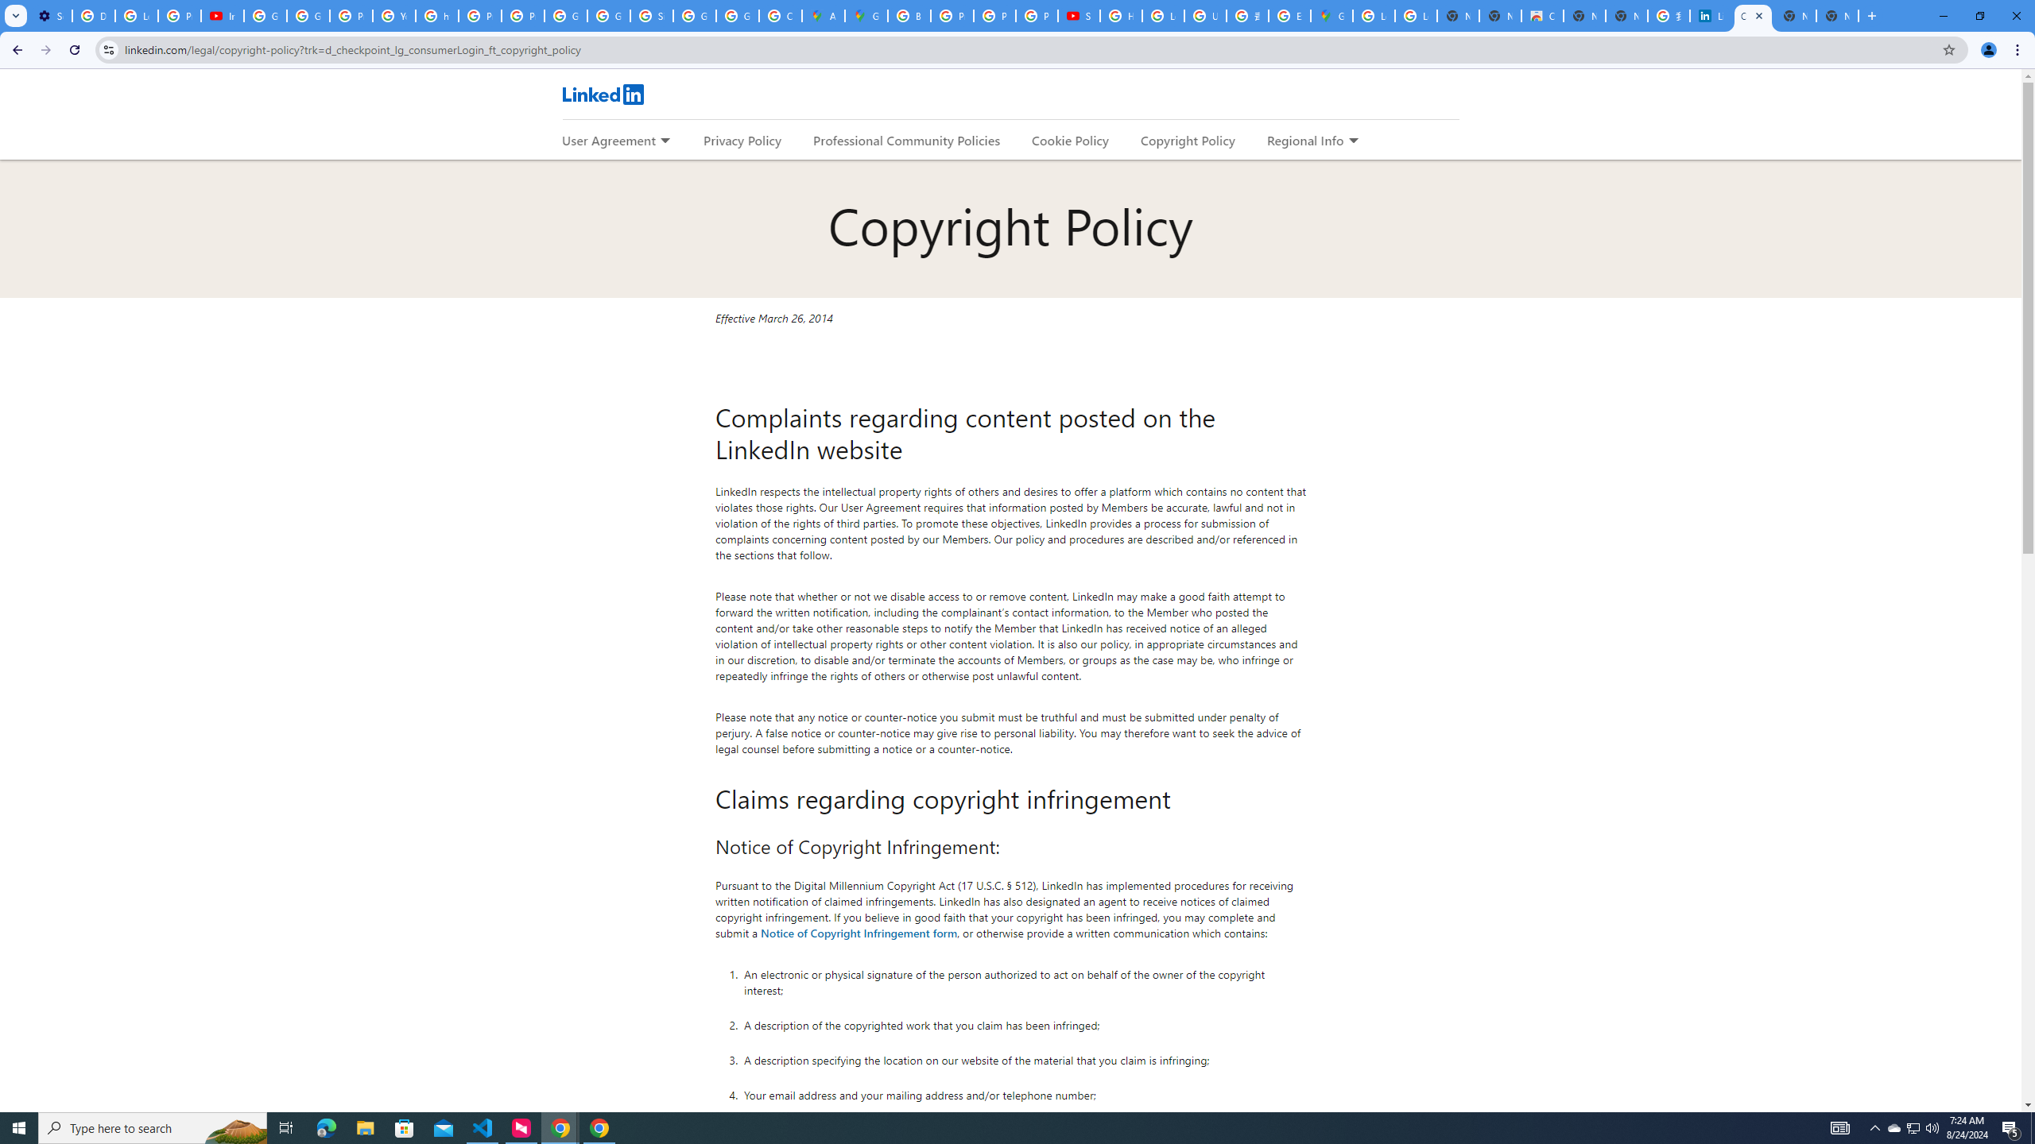 Image resolution: width=2035 pixels, height=1144 pixels. Describe the element at coordinates (1289, 15) in the screenshot. I see `'Explore new street-level details - Google Maps Help'` at that location.